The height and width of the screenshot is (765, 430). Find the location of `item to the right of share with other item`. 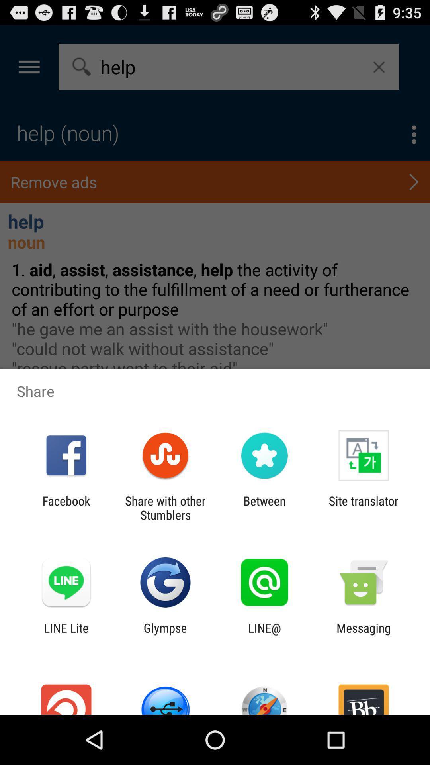

item to the right of share with other item is located at coordinates (264, 508).